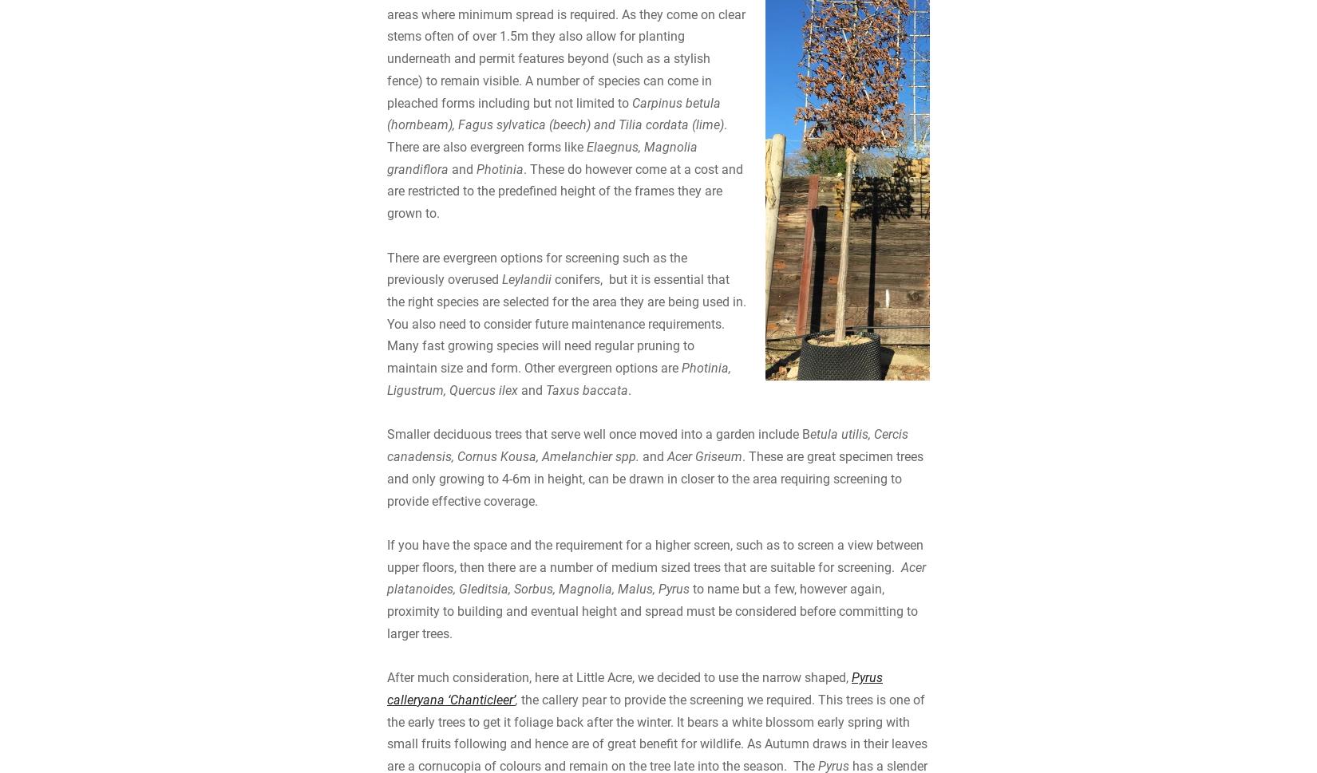 The height and width of the screenshot is (773, 1317). What do you see at coordinates (556, 266) in the screenshot?
I see `'. There are also evergreen forms like'` at bounding box center [556, 266].